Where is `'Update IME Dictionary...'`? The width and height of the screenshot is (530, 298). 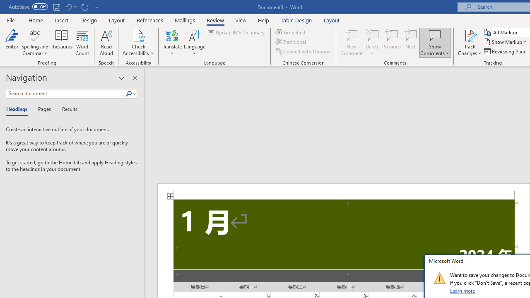
'Update IME Dictionary...' is located at coordinates (236, 32).